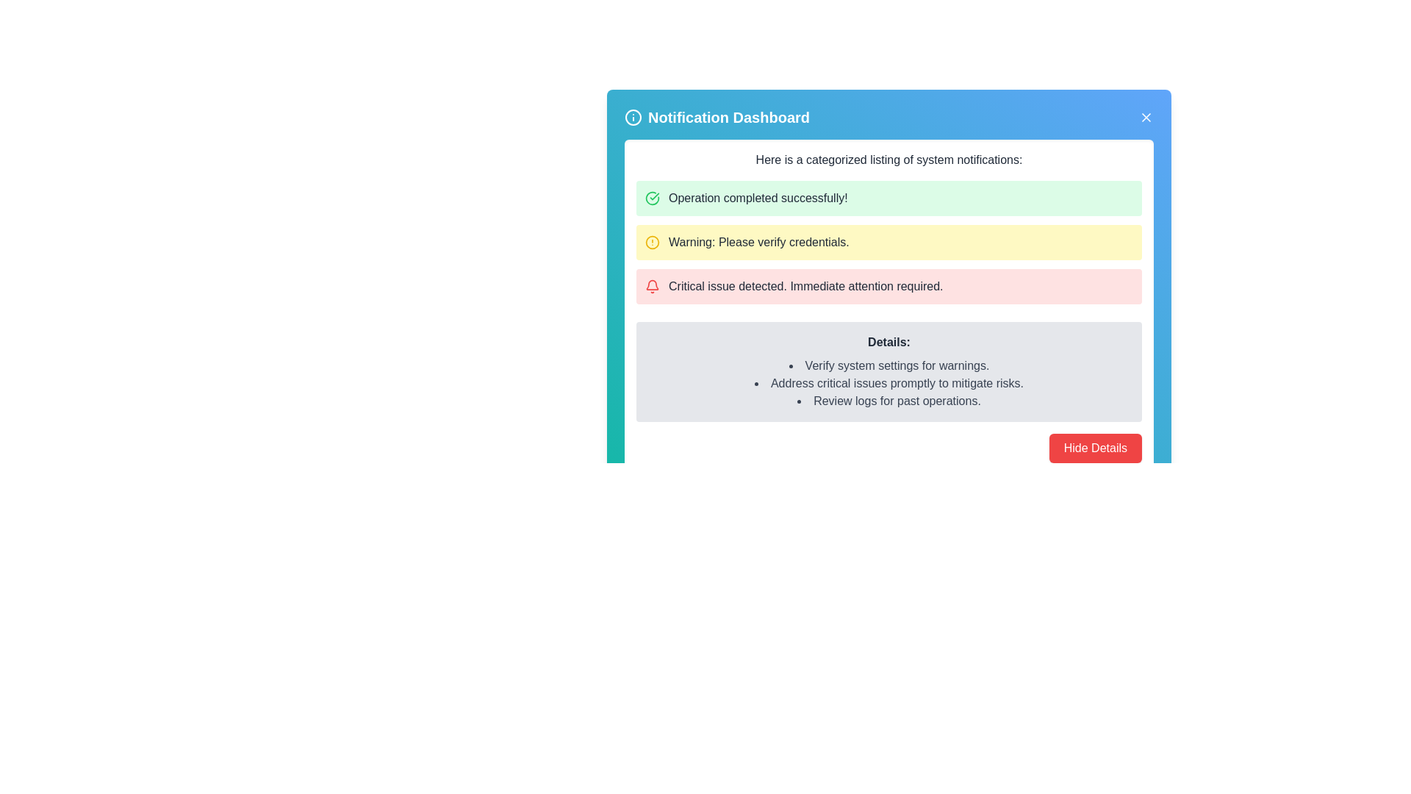  Describe the element at coordinates (888, 401) in the screenshot. I see `the text item that reads 'Review logs for past operations.' in the bulleted list under the label 'Details:'` at that location.